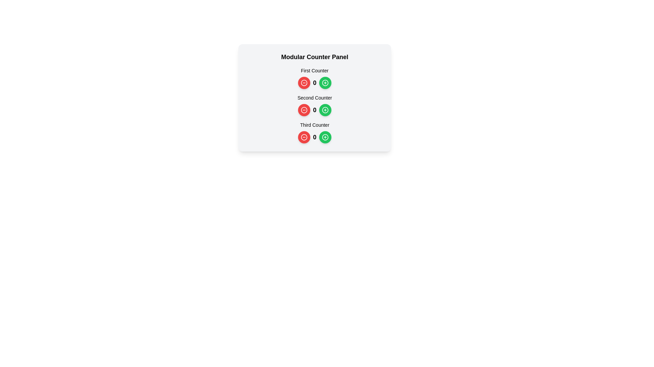 The image size is (654, 367). I want to click on the centered numeral '0' in bold font located between the red minus button and the green plus button in the 'Second Counter' row, so click(314, 110).